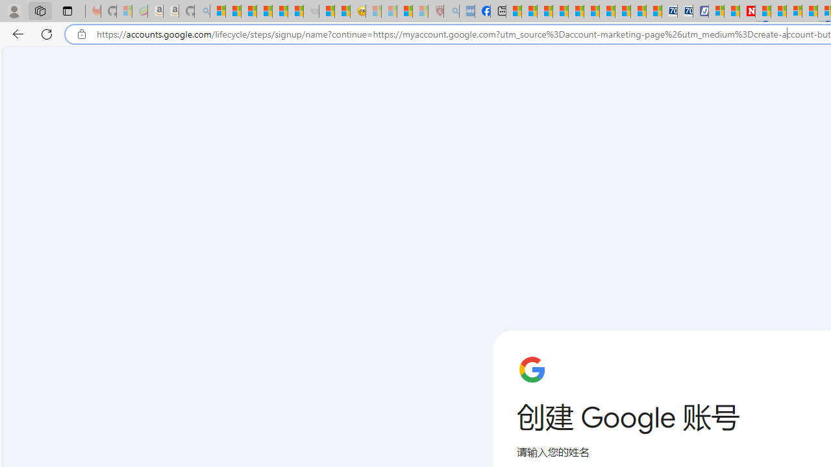 This screenshot has height=467, width=831. I want to click on 'World - MSN', so click(545, 11).